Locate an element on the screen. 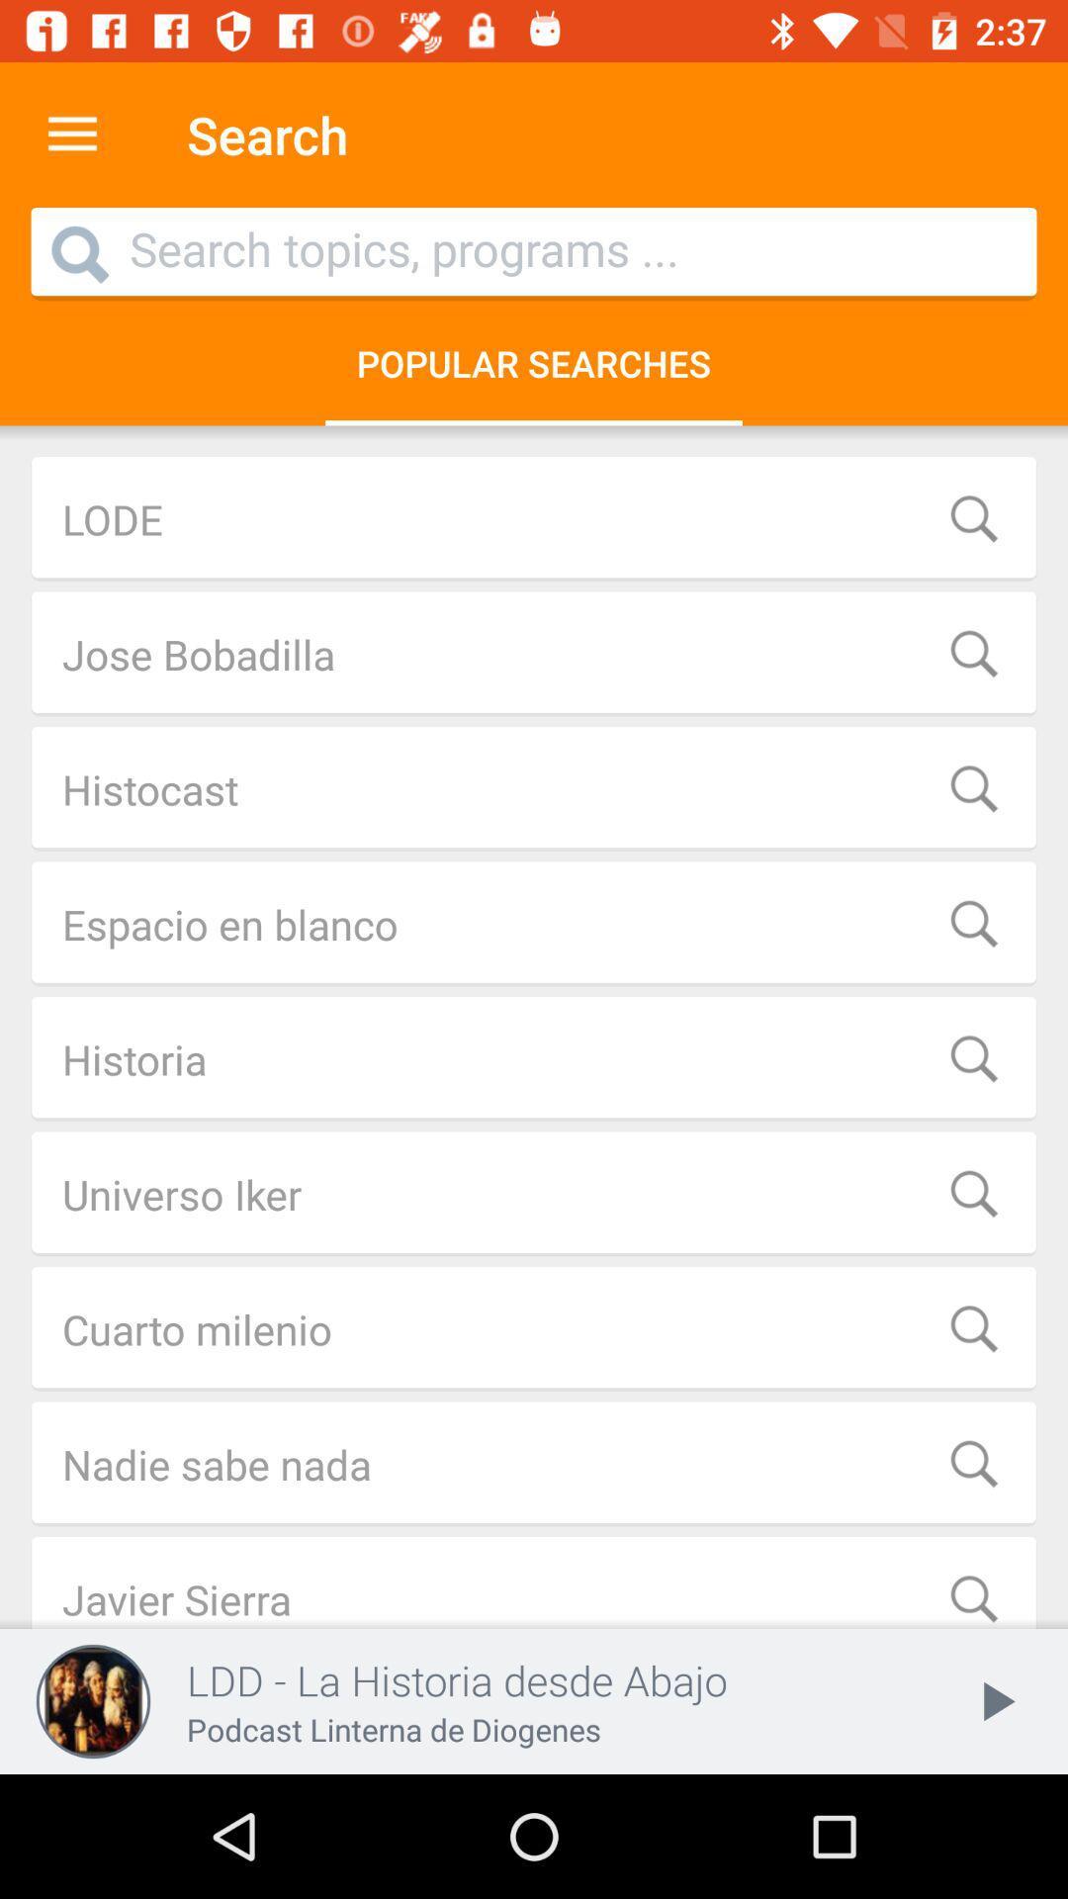  icon to the right of ldd la historia is located at coordinates (995, 1700).